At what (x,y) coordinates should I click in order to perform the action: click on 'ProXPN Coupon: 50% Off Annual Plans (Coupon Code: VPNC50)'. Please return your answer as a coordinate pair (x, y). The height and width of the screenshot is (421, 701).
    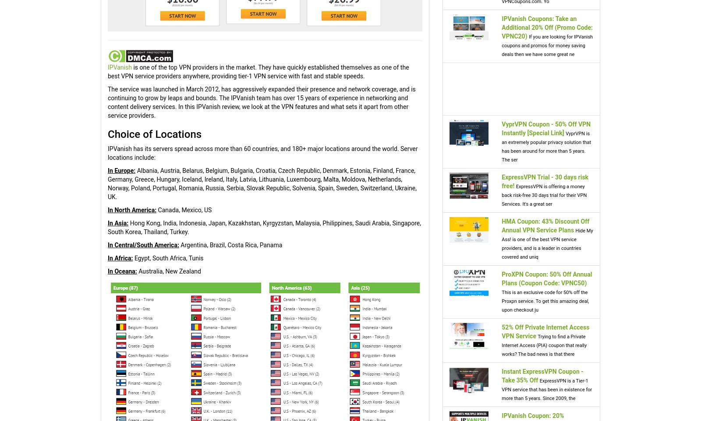
    Looking at the image, I should click on (546, 278).